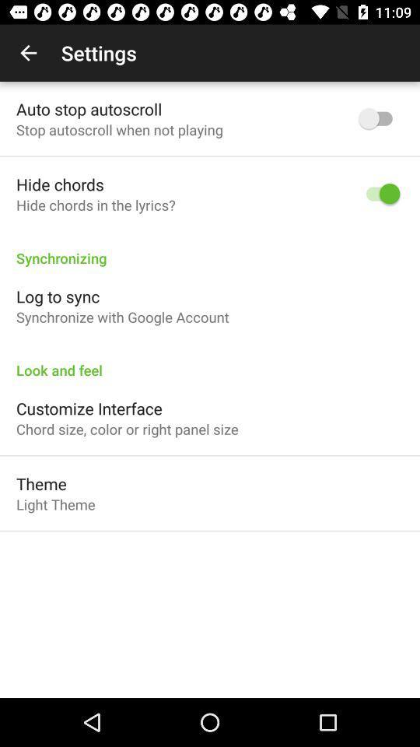 This screenshot has height=747, width=420. Describe the element at coordinates (126, 429) in the screenshot. I see `the item above theme` at that location.